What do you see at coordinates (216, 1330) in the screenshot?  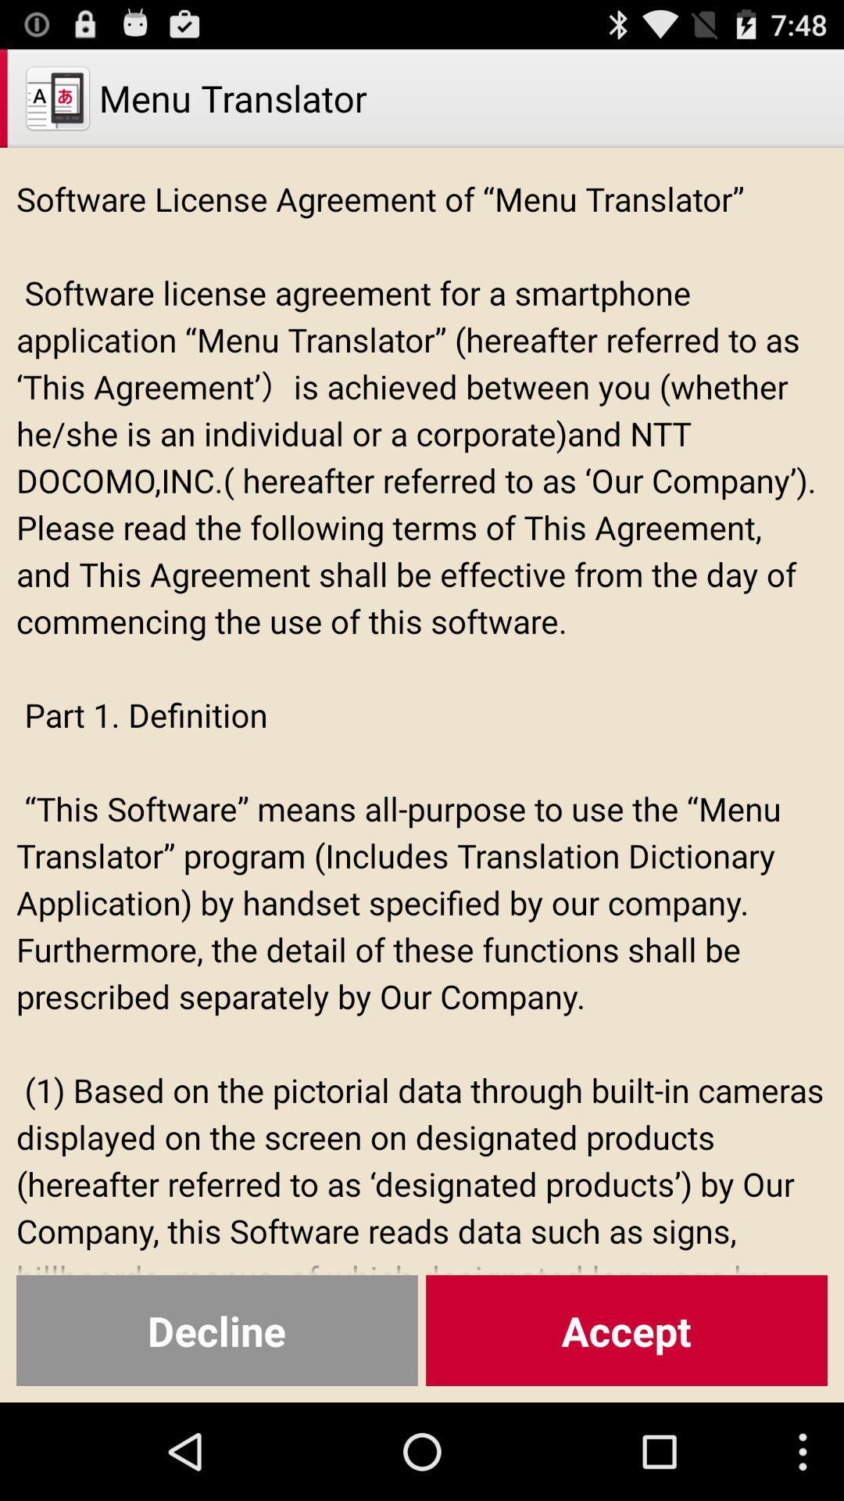 I see `the icon below the software license agreement icon` at bounding box center [216, 1330].